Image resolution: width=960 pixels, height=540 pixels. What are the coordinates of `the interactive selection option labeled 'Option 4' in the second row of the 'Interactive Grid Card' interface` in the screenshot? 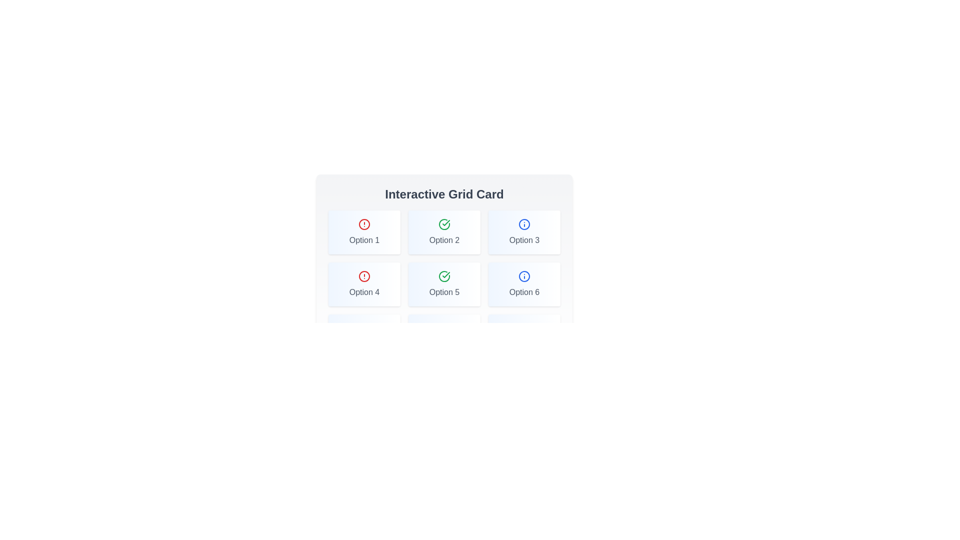 It's located at (364, 284).